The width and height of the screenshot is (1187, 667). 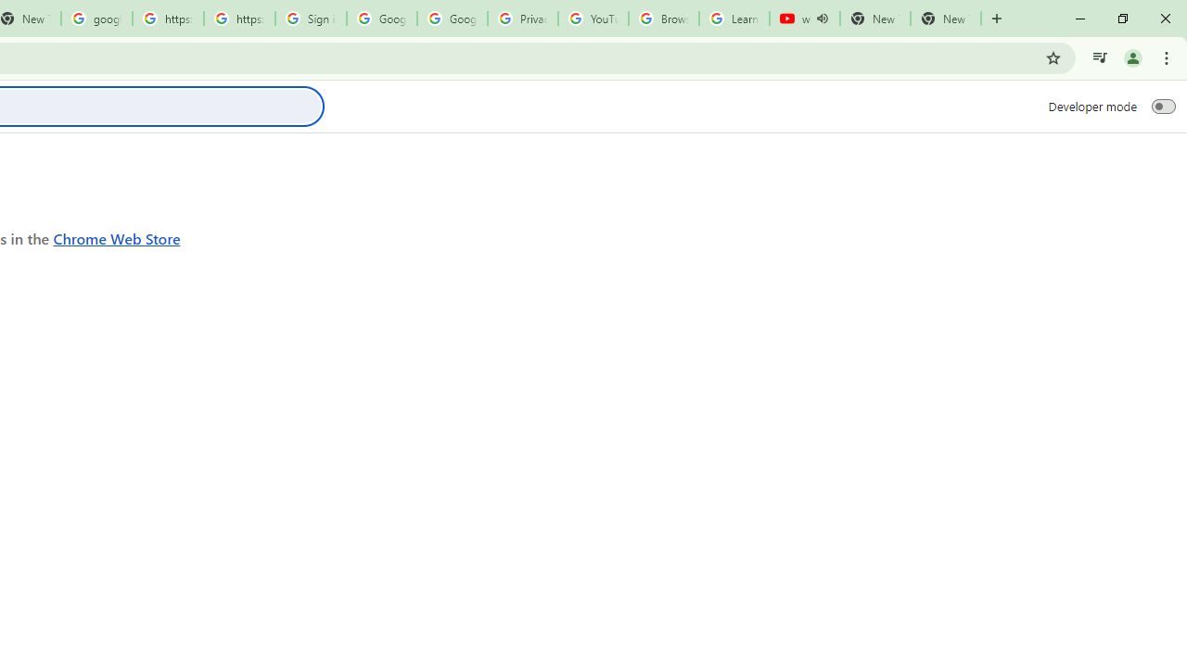 I want to click on 'YouTube', so click(x=593, y=19).